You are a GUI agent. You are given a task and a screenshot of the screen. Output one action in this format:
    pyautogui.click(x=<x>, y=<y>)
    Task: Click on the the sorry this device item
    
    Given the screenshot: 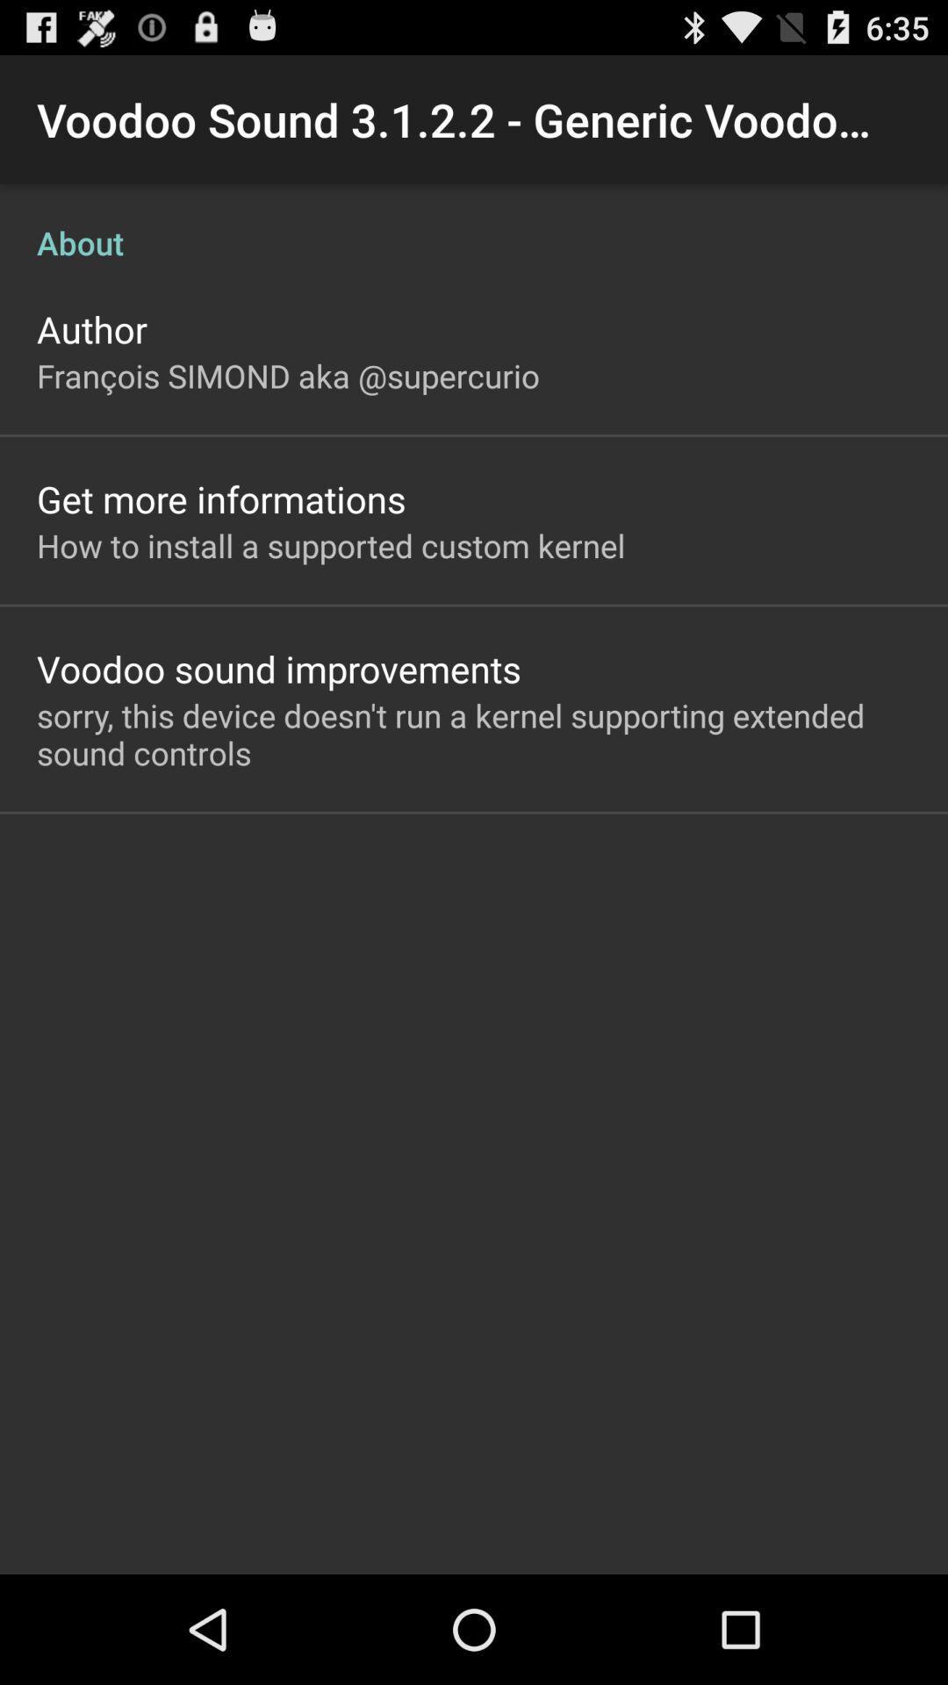 What is the action you would take?
    pyautogui.click(x=474, y=734)
    